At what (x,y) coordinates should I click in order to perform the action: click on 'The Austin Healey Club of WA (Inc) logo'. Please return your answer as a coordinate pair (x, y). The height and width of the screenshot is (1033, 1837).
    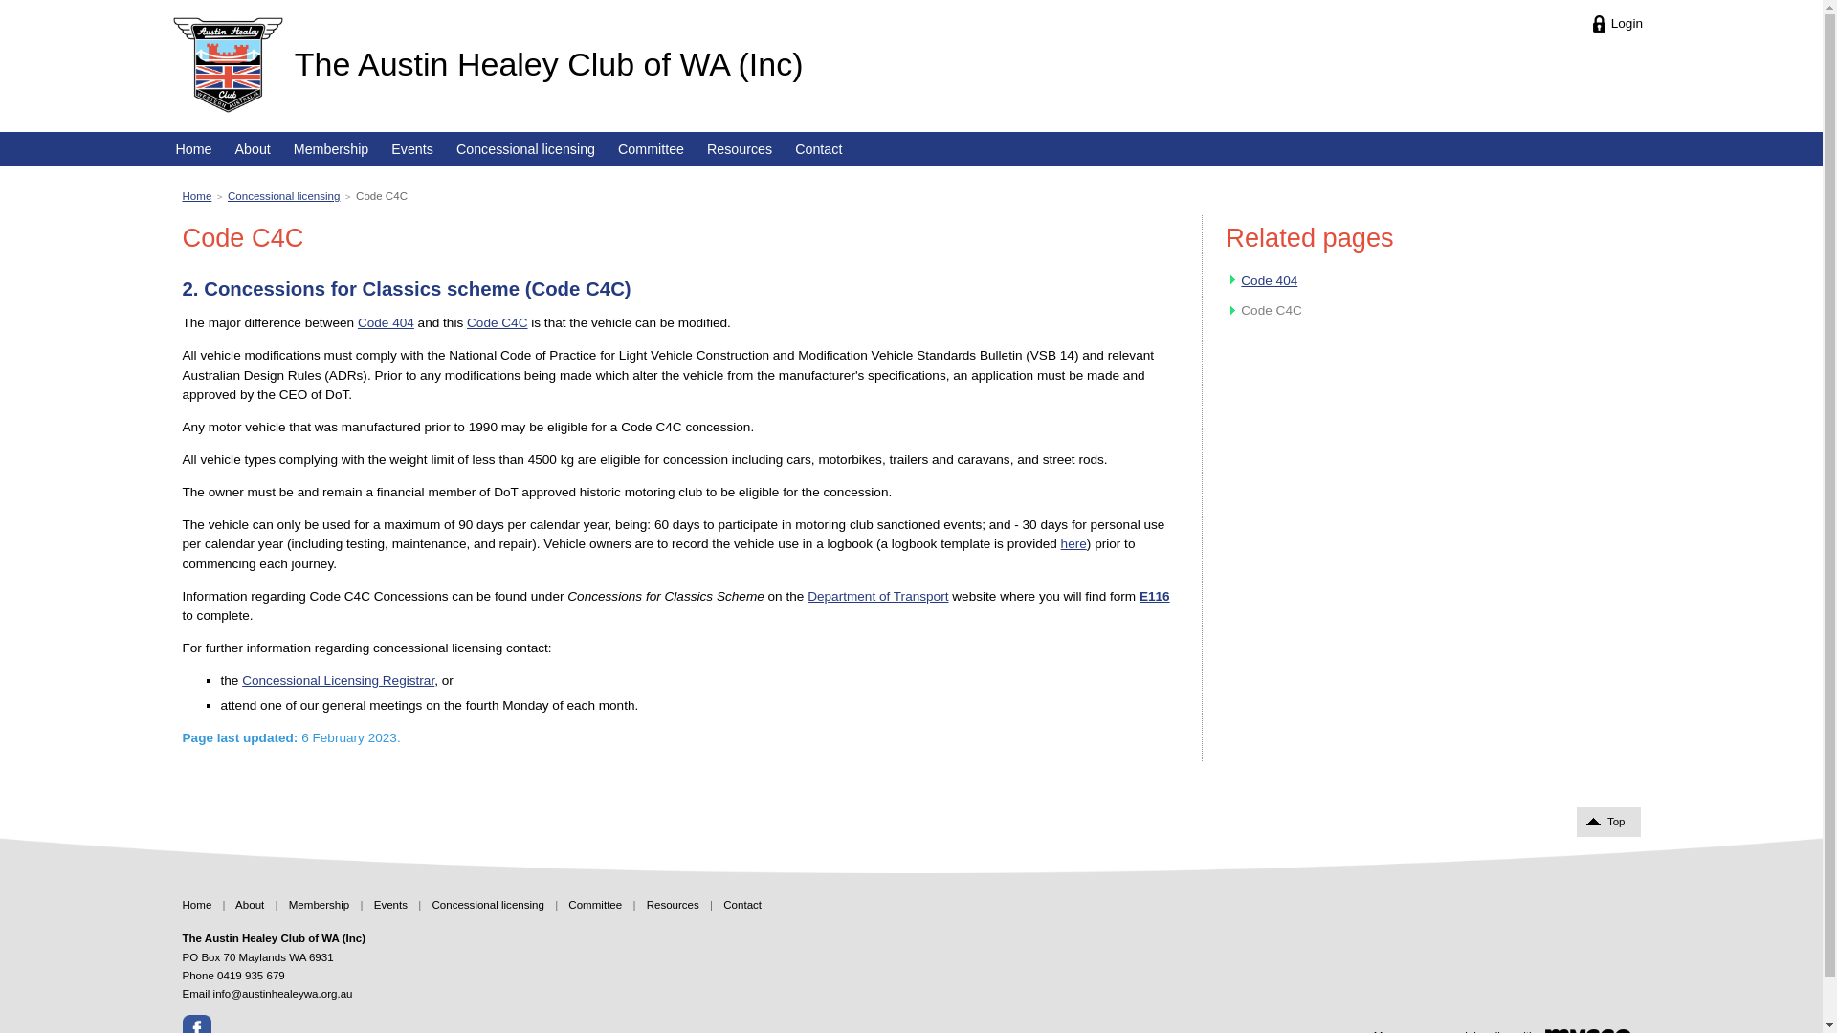
    Looking at the image, I should click on (228, 64).